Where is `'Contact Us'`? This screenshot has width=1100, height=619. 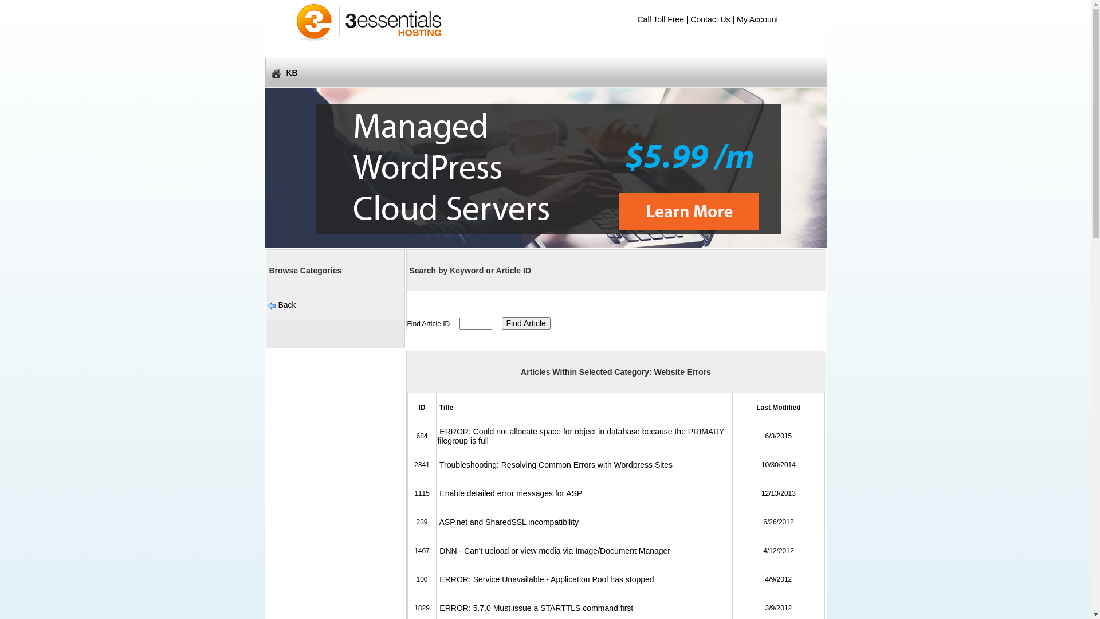
'Contact Us' is located at coordinates (709, 19).